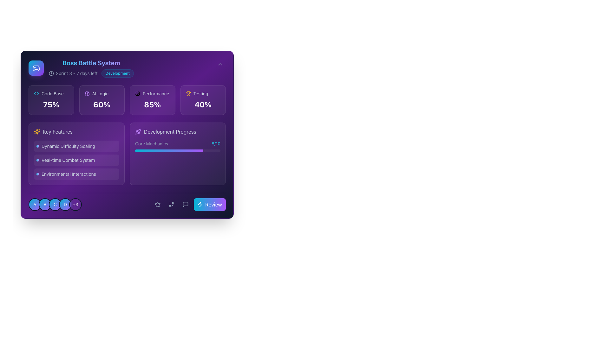 The image size is (609, 342). What do you see at coordinates (210, 204) in the screenshot?
I see `the 'Review' button with a gradient background and a lightning bolt icon` at bounding box center [210, 204].